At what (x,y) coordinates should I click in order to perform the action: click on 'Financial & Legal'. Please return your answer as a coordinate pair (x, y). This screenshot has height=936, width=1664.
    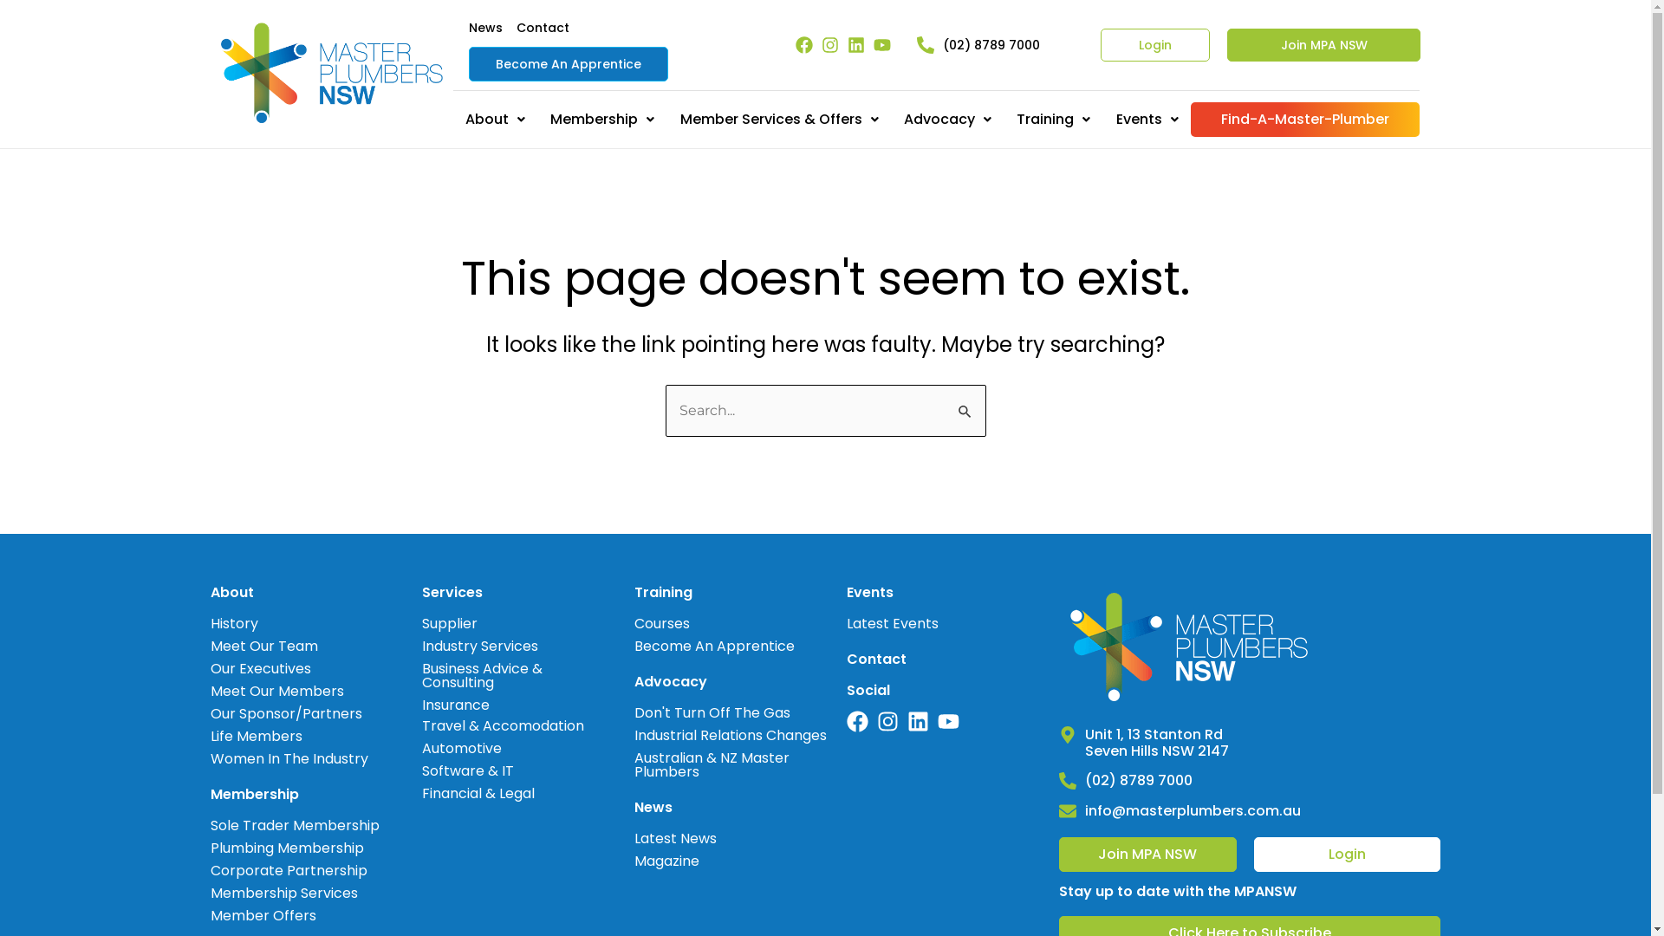
    Looking at the image, I should click on (502, 793).